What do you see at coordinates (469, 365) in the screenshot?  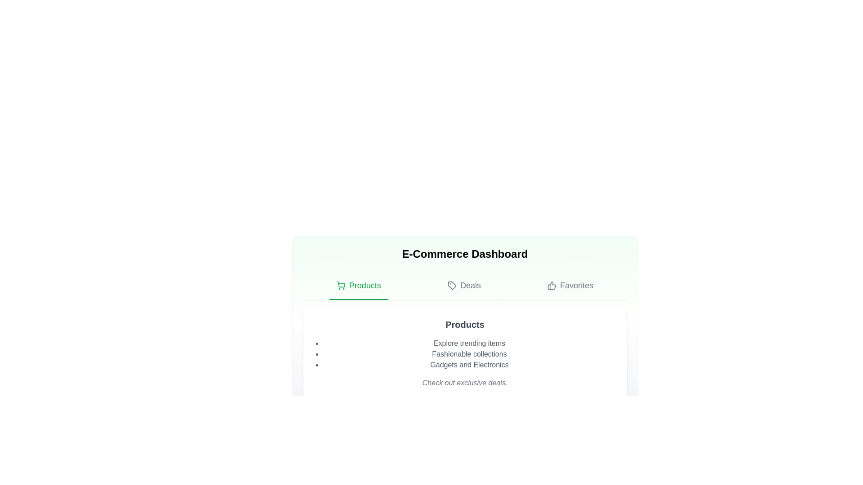 I see `text label 'Gadgets and Electronics' which is the third item in the unordered list under the 'Products' section, positioned between 'Fashionable collections' and an empty space` at bounding box center [469, 365].